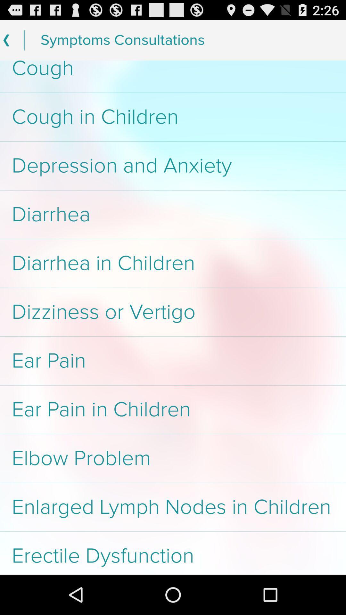 The height and width of the screenshot is (615, 346). Describe the element at coordinates (173, 458) in the screenshot. I see `the elbow problem` at that location.